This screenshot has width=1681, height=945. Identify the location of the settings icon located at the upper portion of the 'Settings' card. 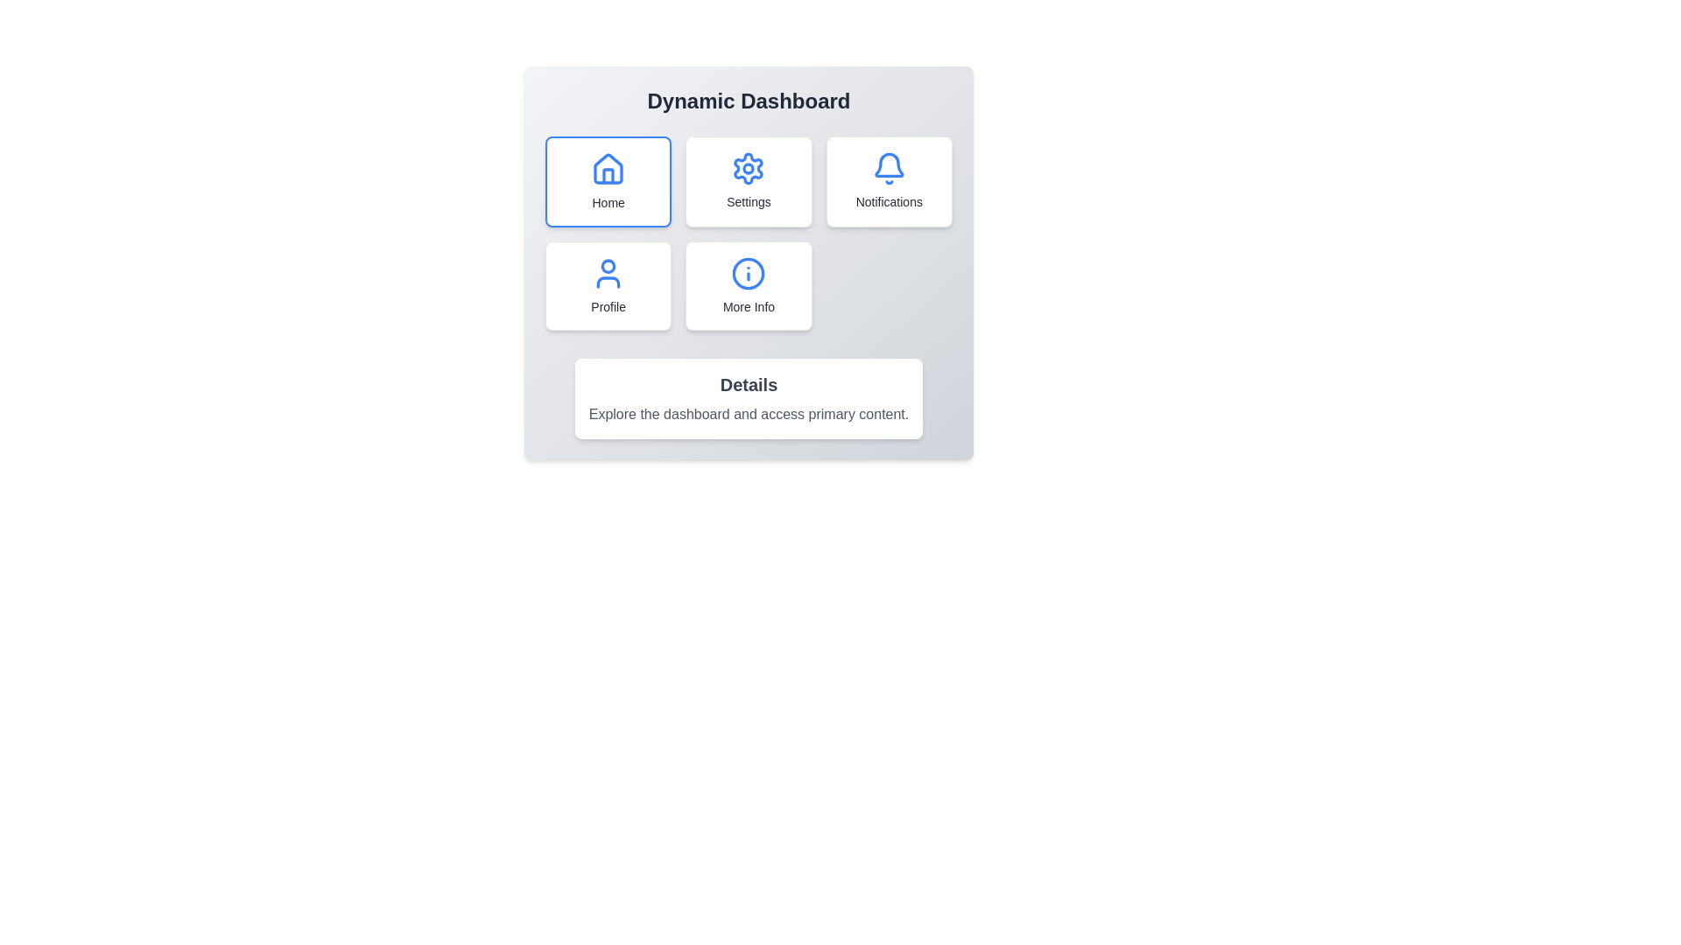
(749, 168).